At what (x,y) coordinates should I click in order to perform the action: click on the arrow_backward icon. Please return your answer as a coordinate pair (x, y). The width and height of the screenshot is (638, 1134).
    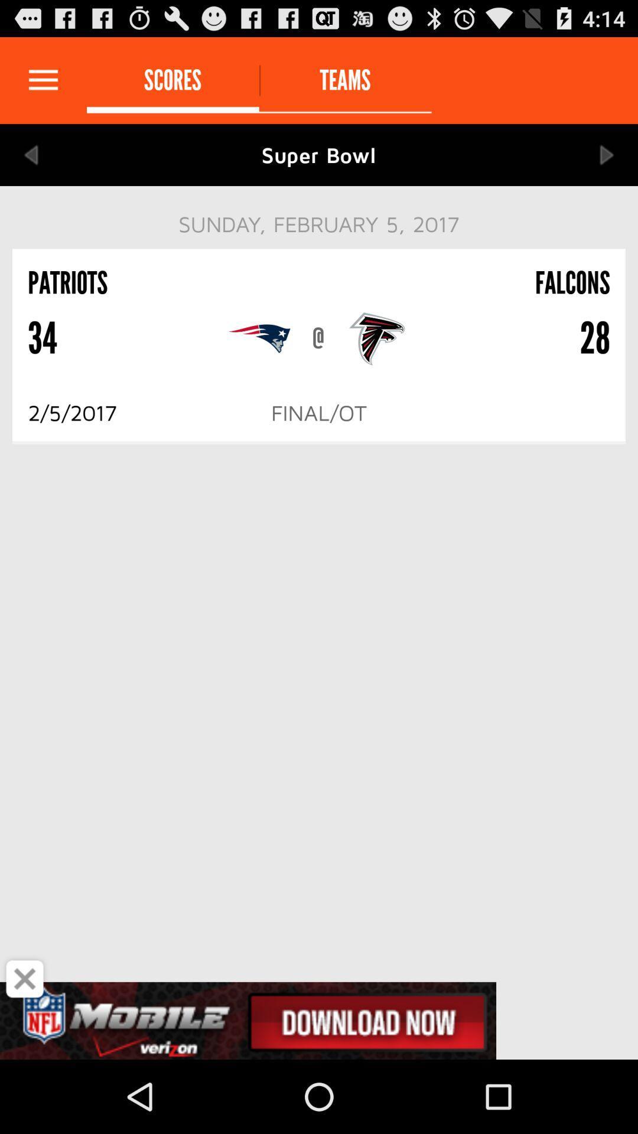
    Looking at the image, I should click on (30, 165).